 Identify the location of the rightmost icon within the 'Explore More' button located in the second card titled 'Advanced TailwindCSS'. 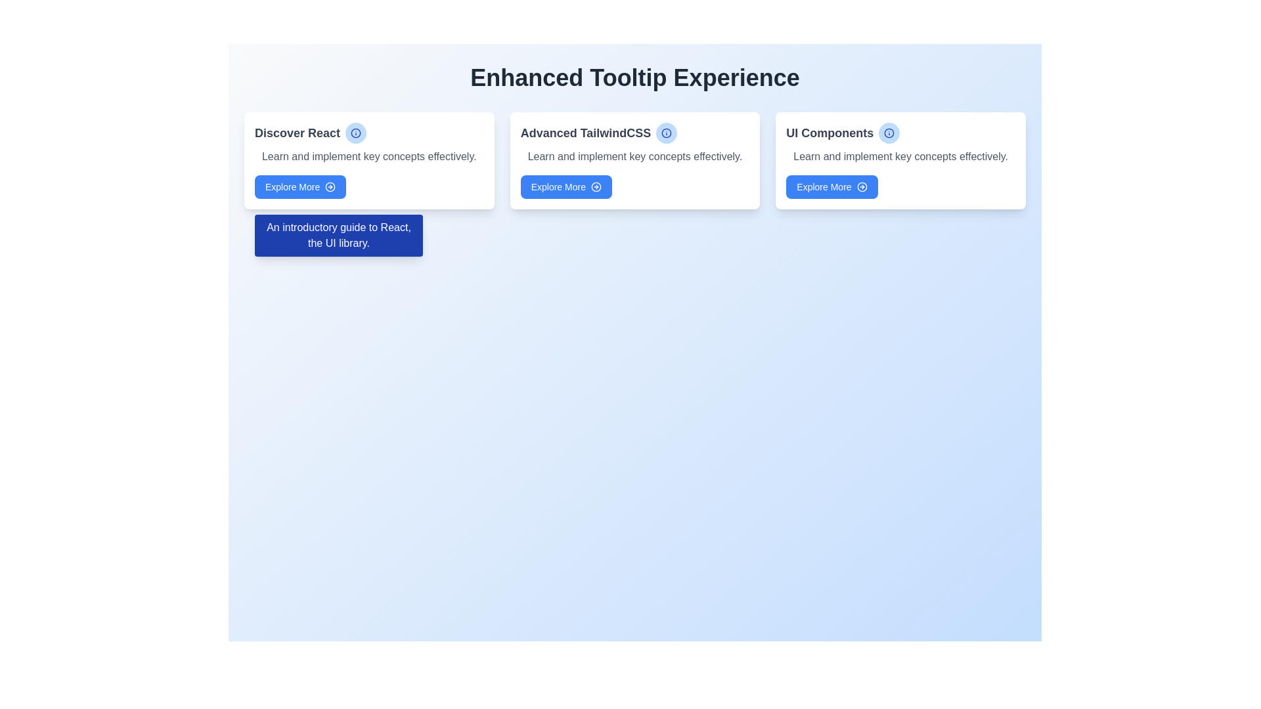
(595, 187).